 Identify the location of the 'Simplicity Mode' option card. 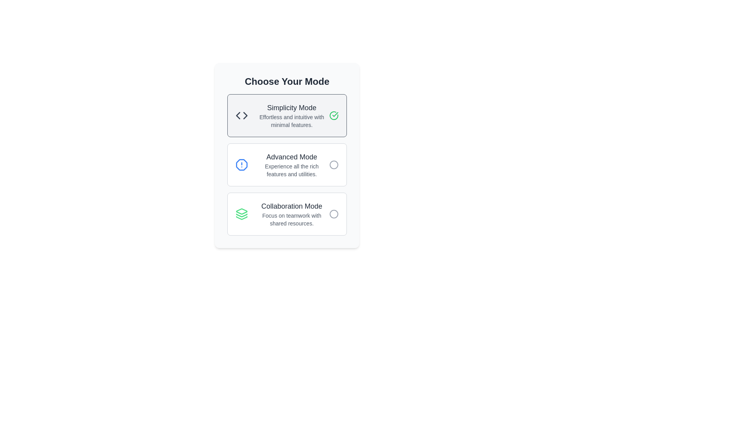
(286, 116).